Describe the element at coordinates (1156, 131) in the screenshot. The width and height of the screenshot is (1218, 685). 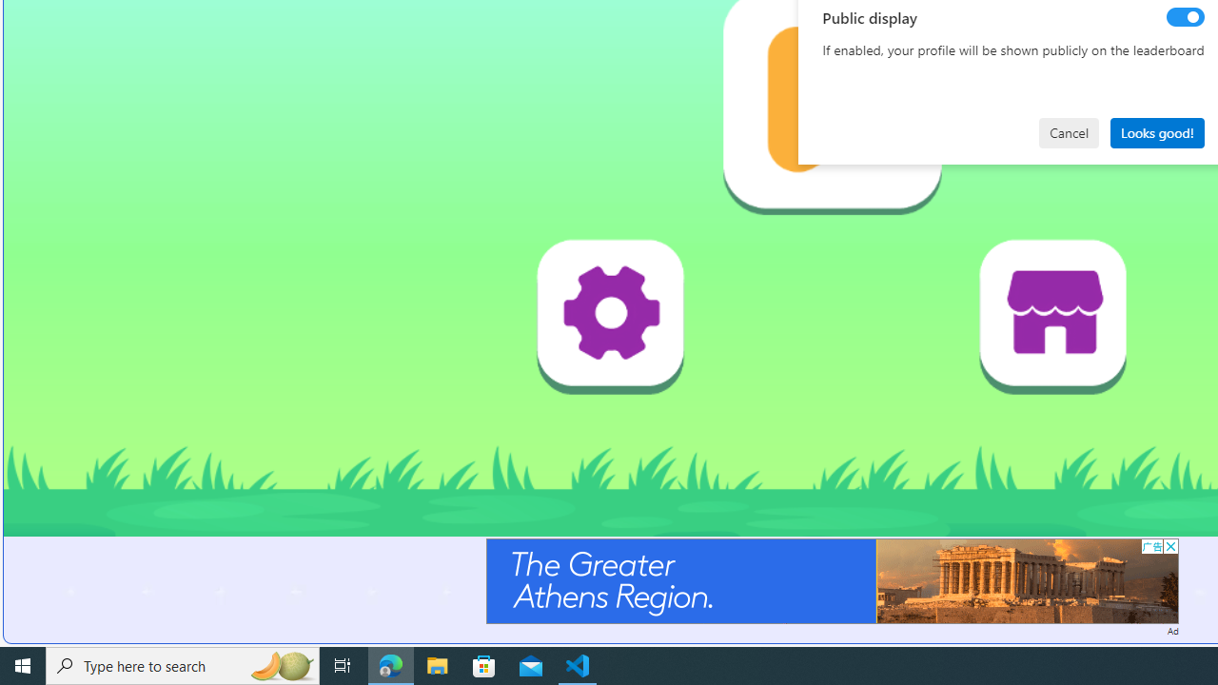
I see `'Looks good!'` at that location.